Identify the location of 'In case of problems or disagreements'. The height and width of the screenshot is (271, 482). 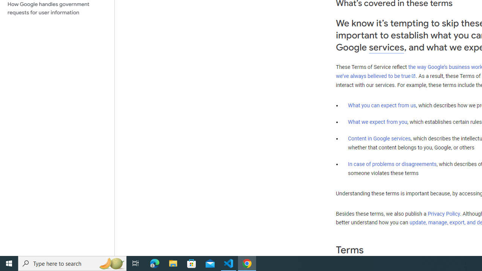
(392, 163).